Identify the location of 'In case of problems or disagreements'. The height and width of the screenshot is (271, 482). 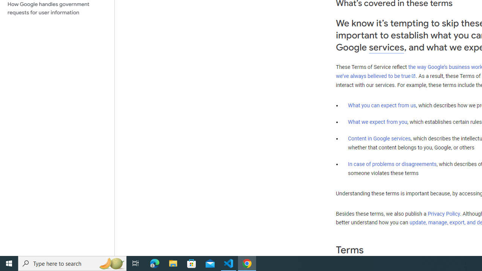
(392, 163).